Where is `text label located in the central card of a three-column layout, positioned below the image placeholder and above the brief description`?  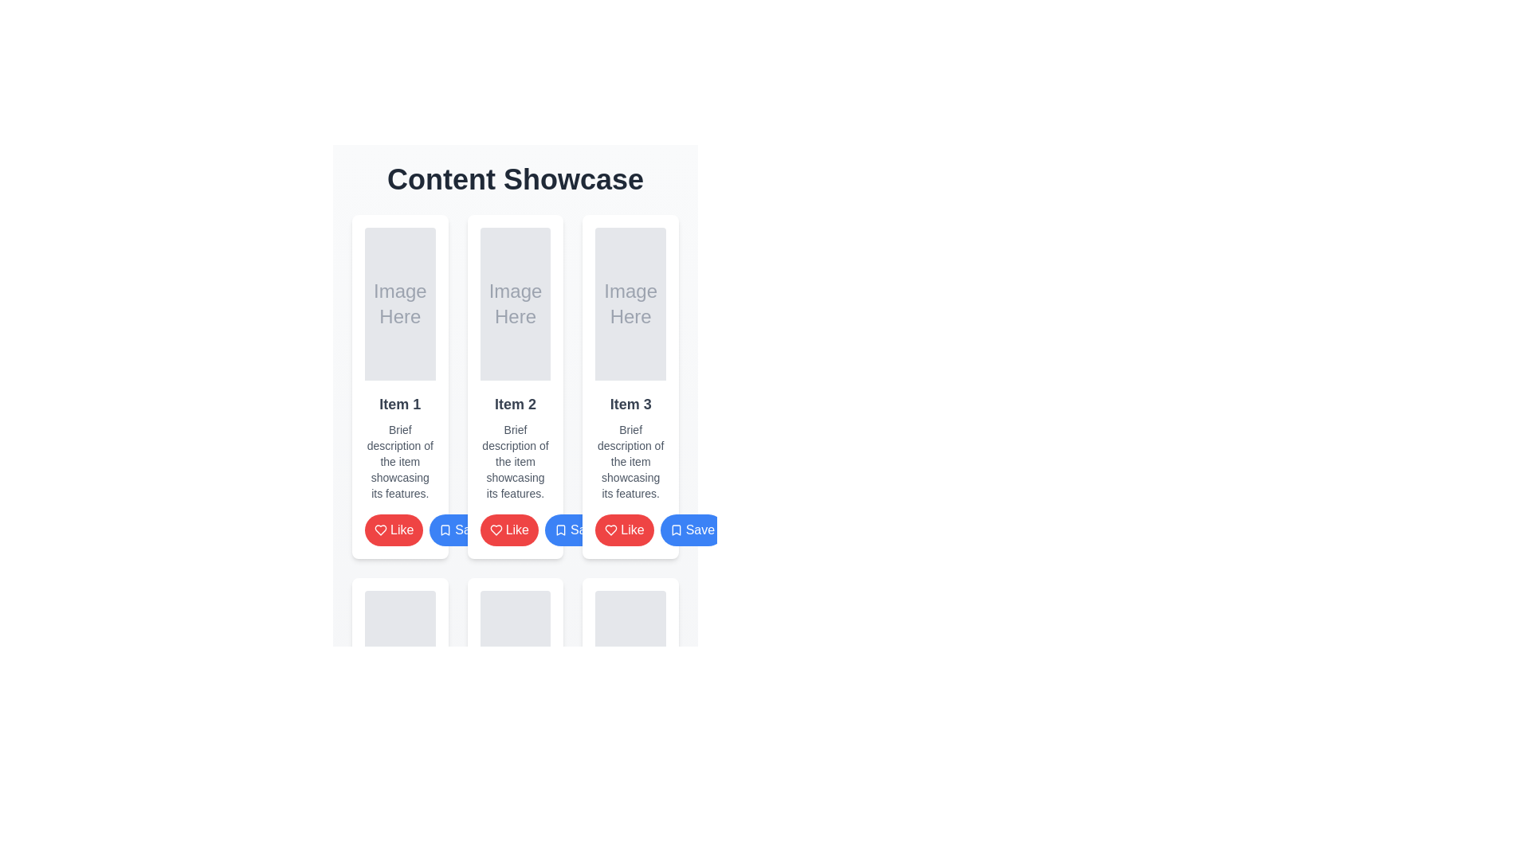 text label located in the central card of a three-column layout, positioned below the image placeholder and above the brief description is located at coordinates (516, 404).